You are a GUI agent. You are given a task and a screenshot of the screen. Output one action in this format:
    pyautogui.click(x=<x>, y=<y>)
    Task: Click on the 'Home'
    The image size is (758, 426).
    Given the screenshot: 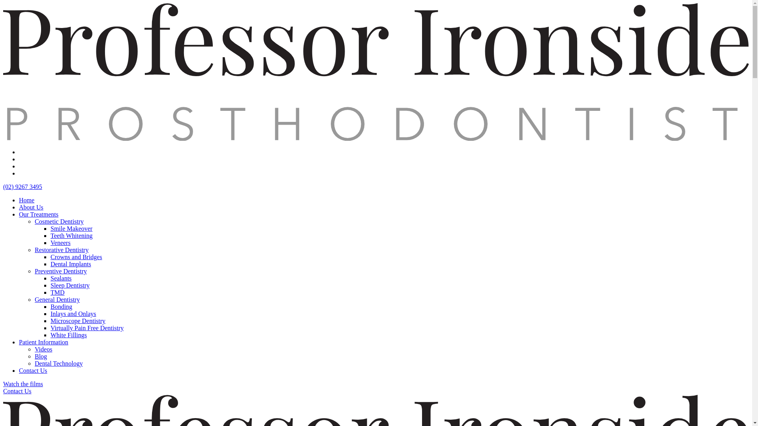 What is the action you would take?
    pyautogui.click(x=26, y=200)
    